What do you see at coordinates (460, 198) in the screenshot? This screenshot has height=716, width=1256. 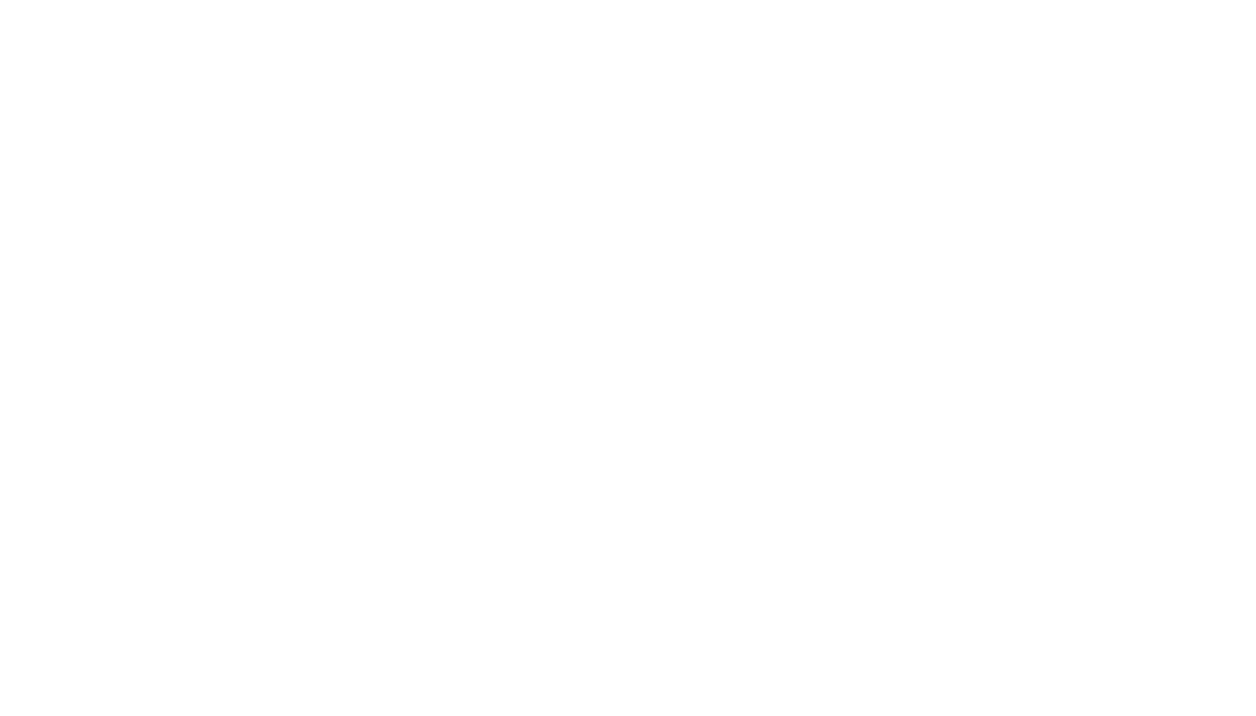 I see `'Chicken'` at bounding box center [460, 198].